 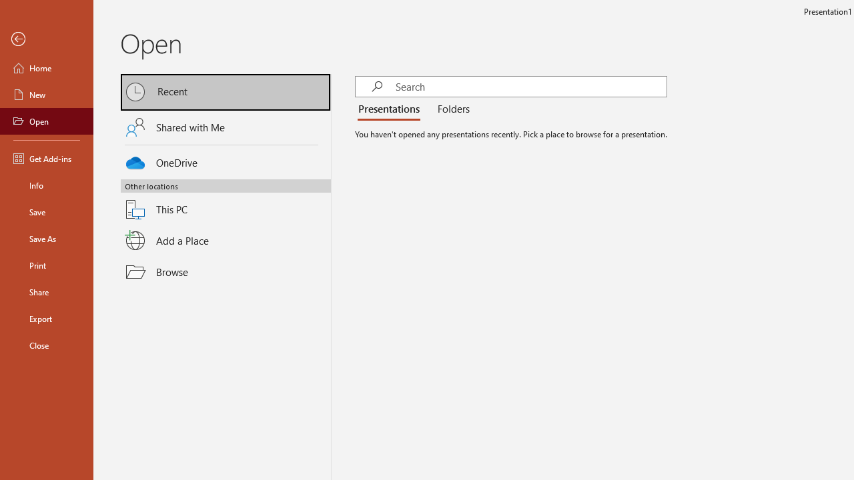 What do you see at coordinates (451, 109) in the screenshot?
I see `'Folders'` at bounding box center [451, 109].